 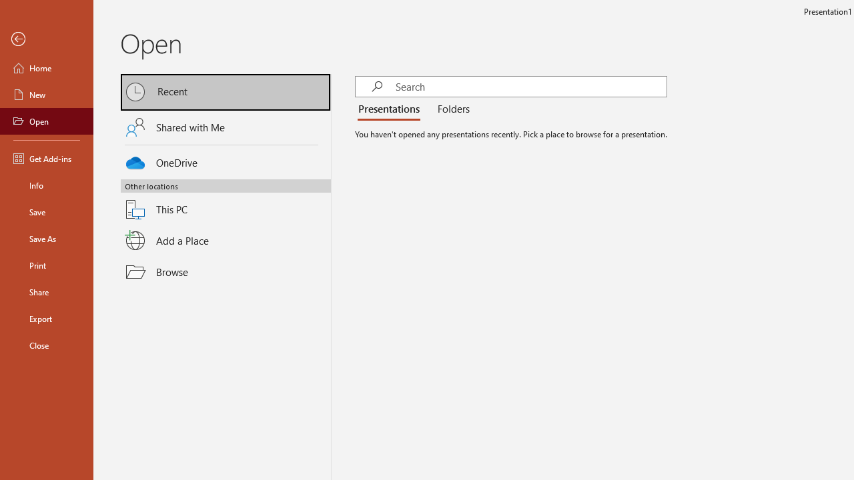 What do you see at coordinates (451, 109) in the screenshot?
I see `'Folders'` at bounding box center [451, 109].